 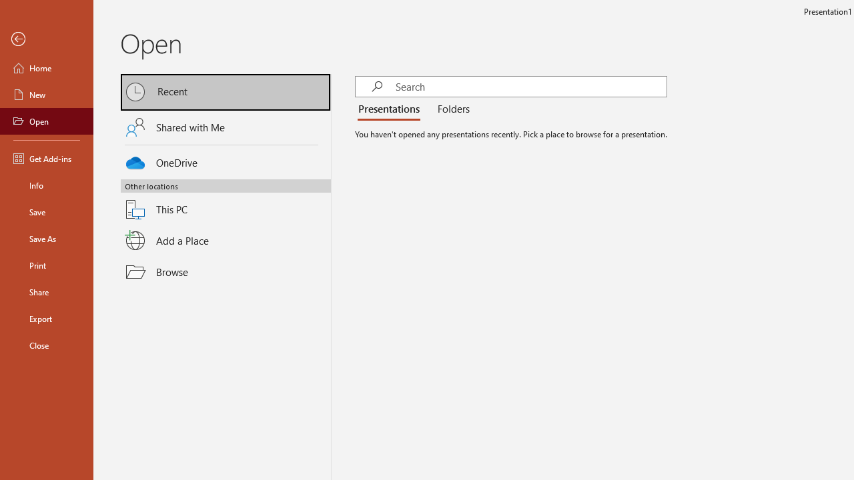 What do you see at coordinates (451, 109) in the screenshot?
I see `'Folders'` at bounding box center [451, 109].